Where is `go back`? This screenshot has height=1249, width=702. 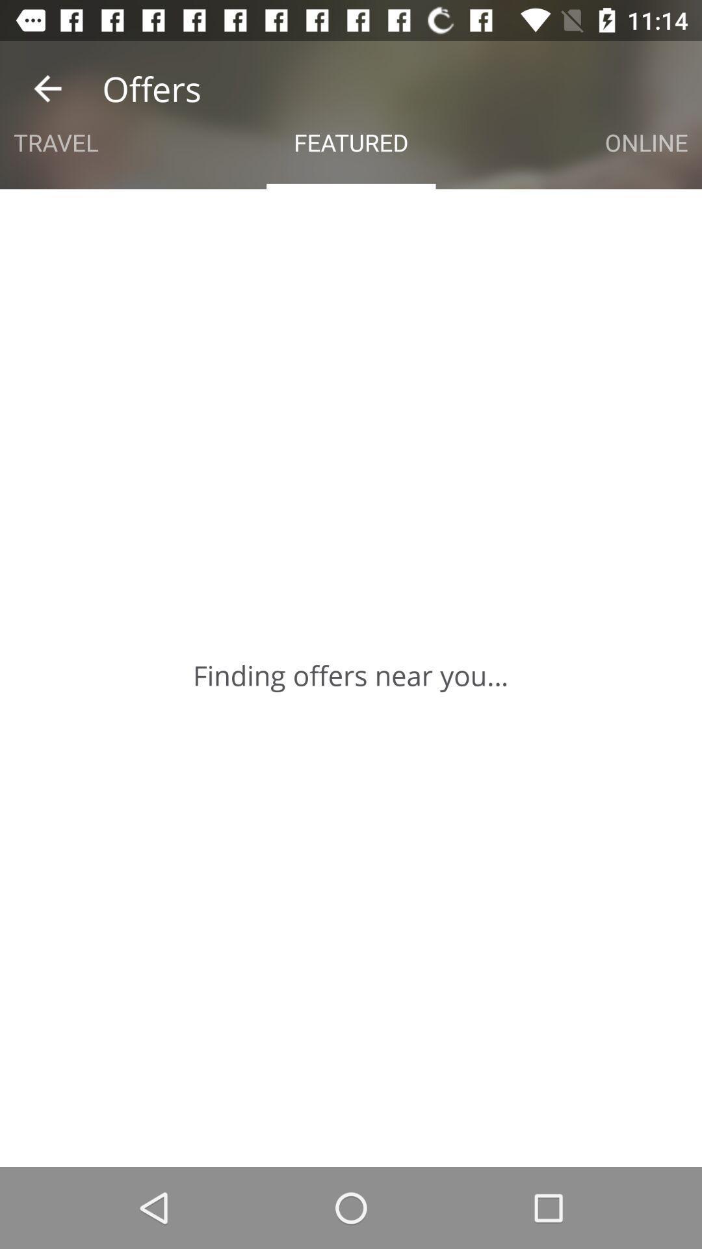
go back is located at coordinates (47, 88).